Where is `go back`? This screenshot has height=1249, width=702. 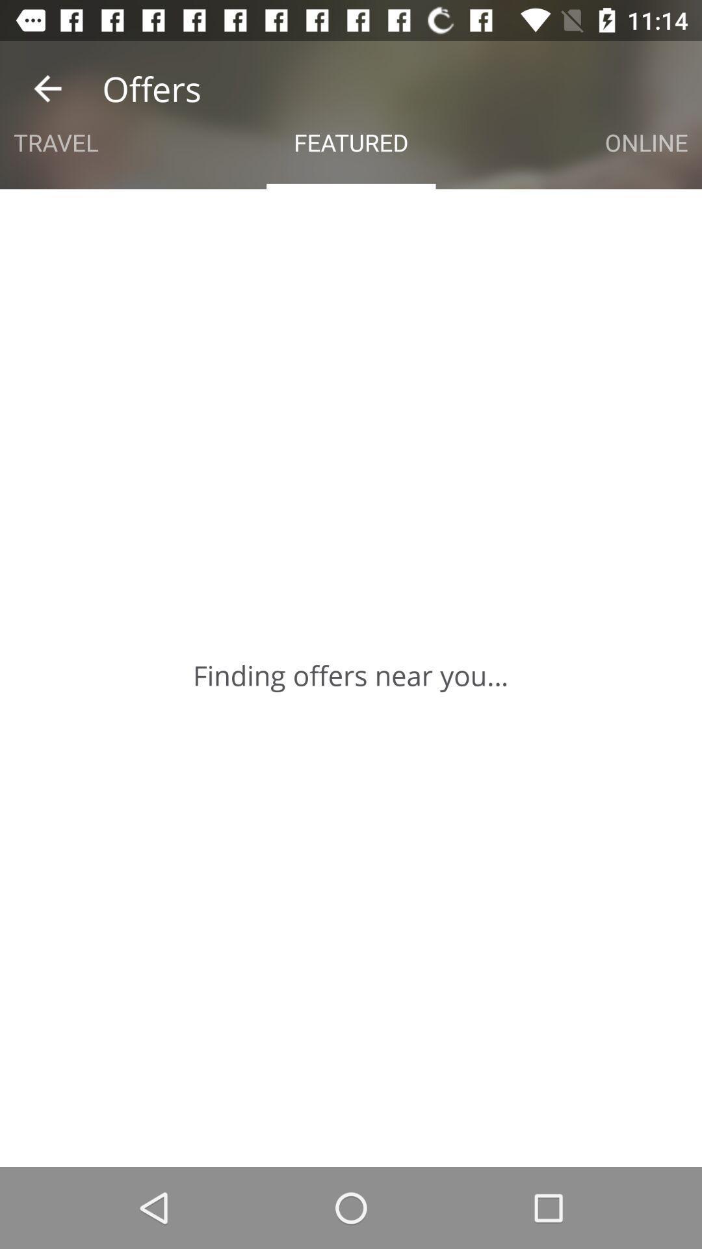
go back is located at coordinates (47, 88).